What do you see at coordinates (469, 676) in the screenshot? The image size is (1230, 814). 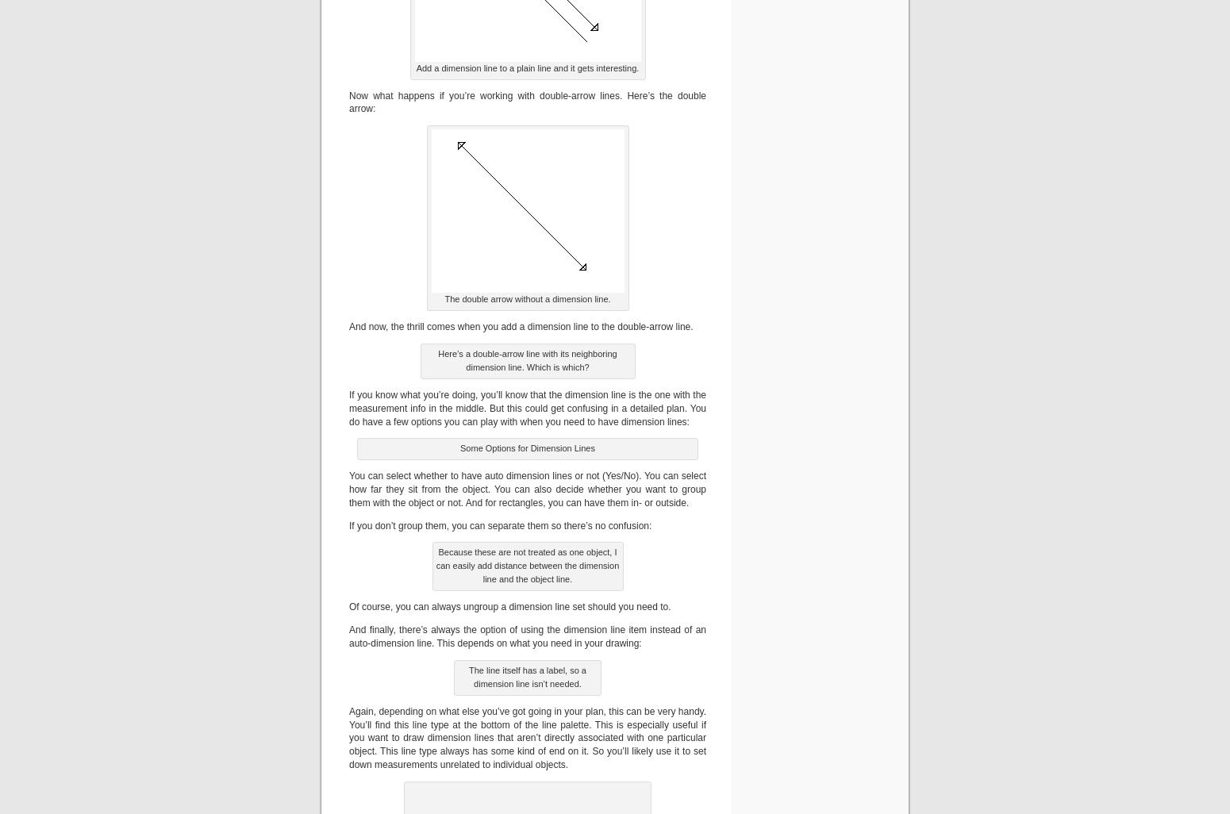 I see `'The line itself has a label, so a dimension line isn’t needed.'` at bounding box center [469, 676].